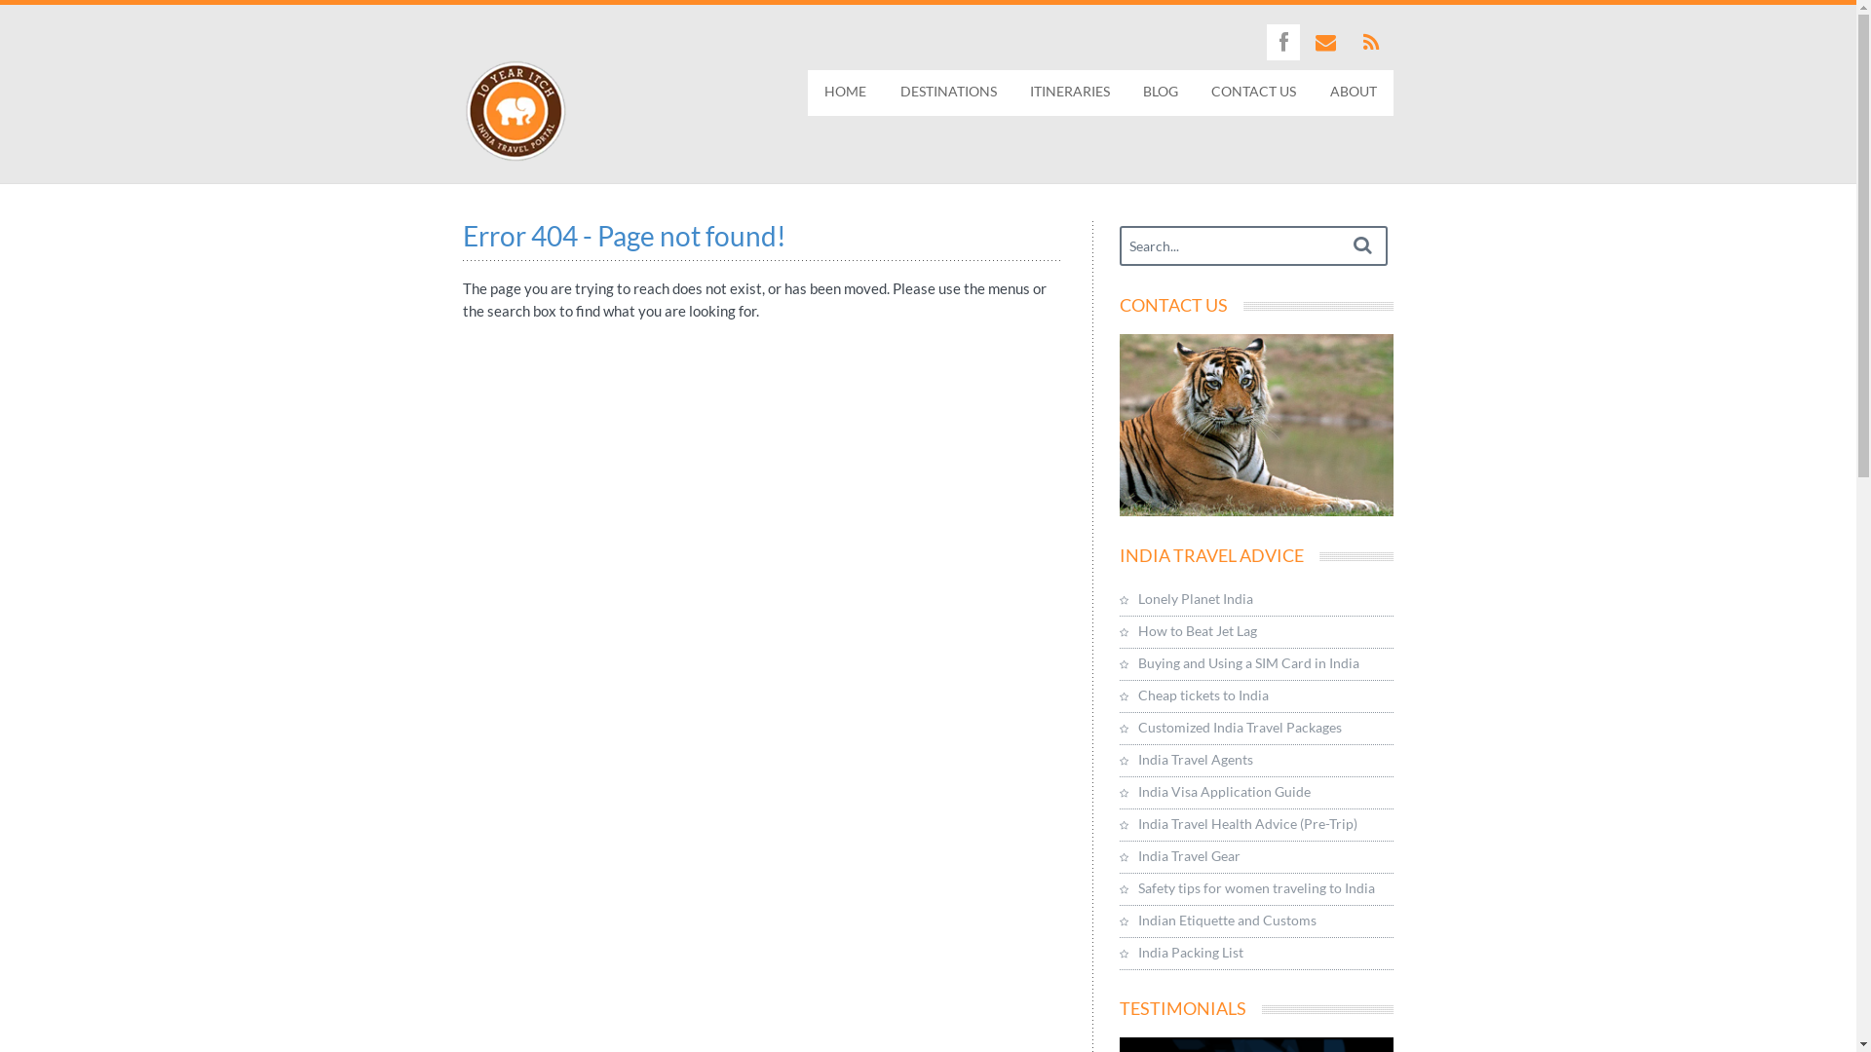  Describe the element at coordinates (1256, 729) in the screenshot. I see `'Customized India Travel Packages'` at that location.